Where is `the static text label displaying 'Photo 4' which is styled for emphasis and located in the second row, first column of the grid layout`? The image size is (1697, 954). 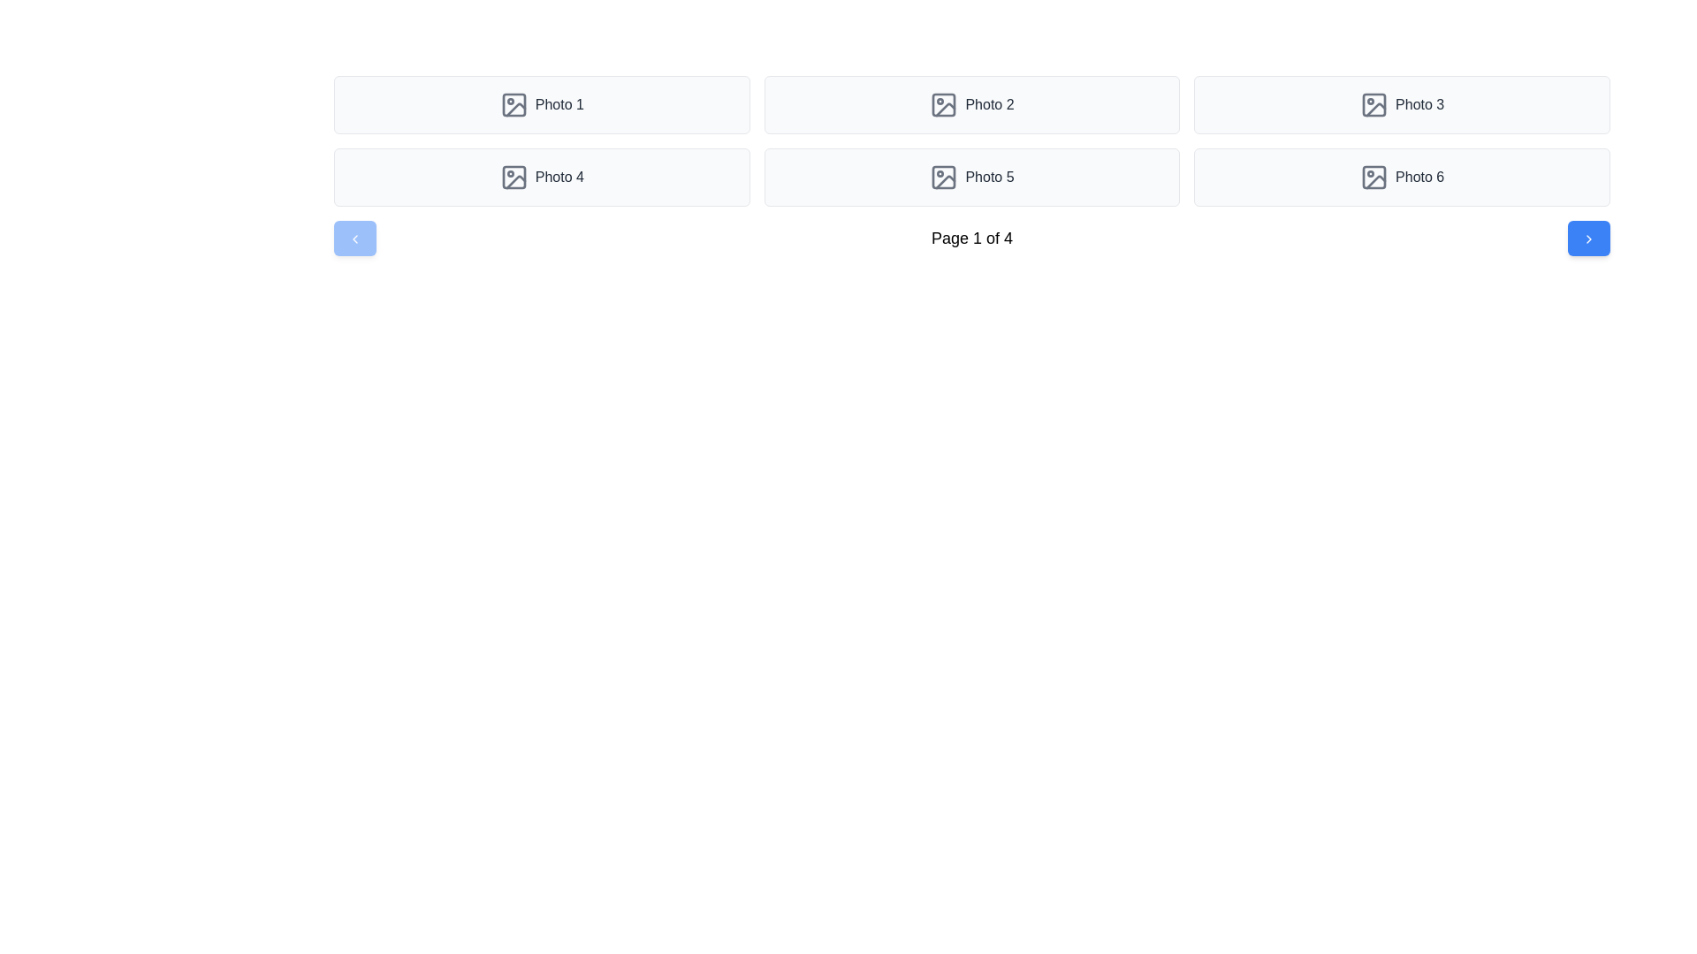
the static text label displaying 'Photo 4' which is styled for emphasis and located in the second row, first column of the grid layout is located at coordinates (559, 177).